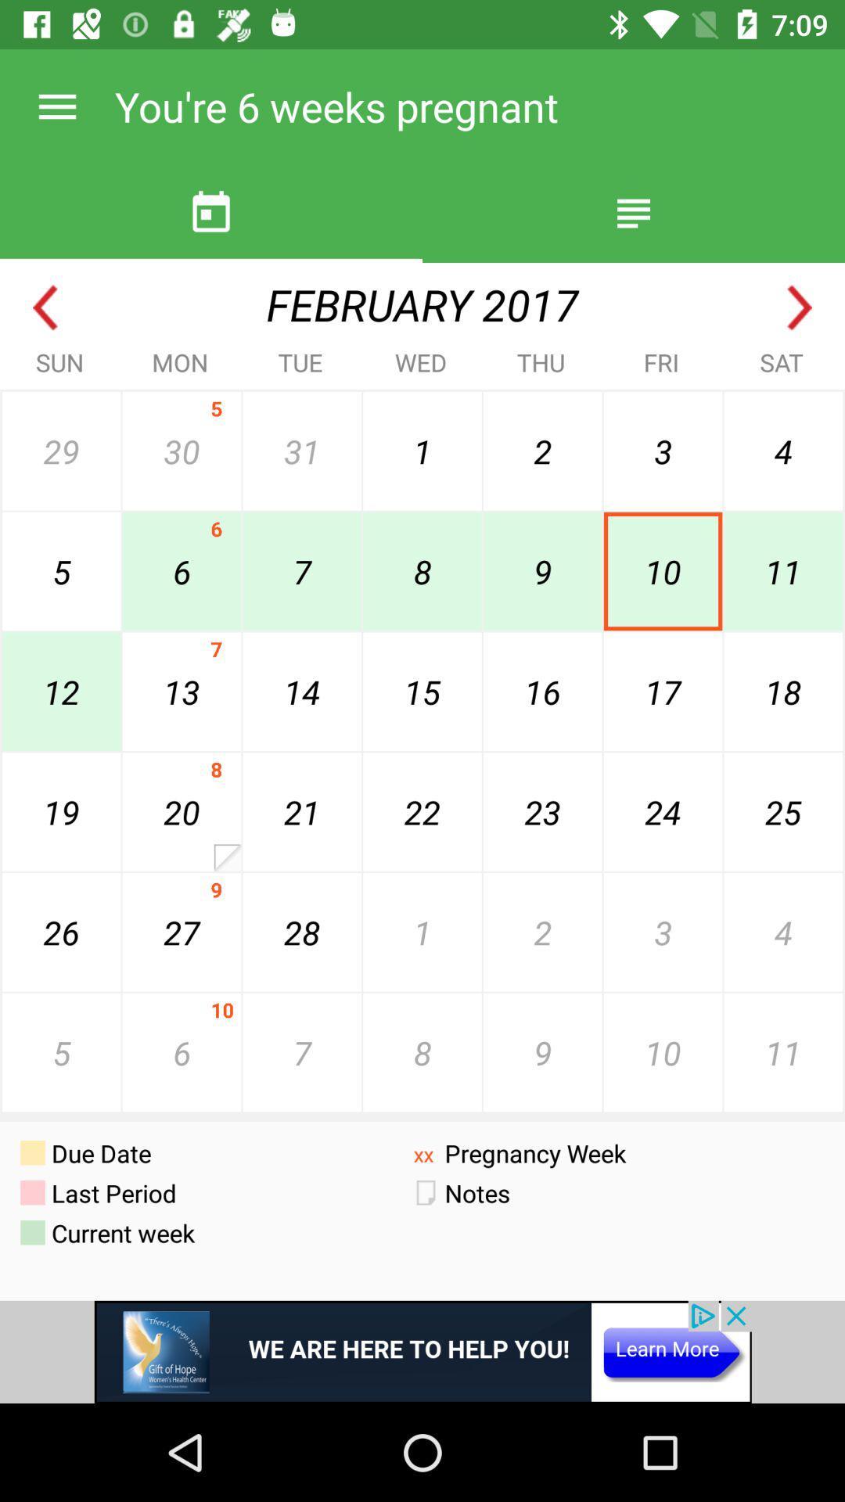 The image size is (845, 1502). Describe the element at coordinates (422, 1351) in the screenshot. I see `interact with the advertisement` at that location.